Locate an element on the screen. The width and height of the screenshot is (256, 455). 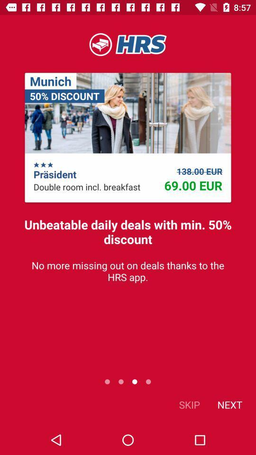
item next to skip icon is located at coordinates (229, 404).